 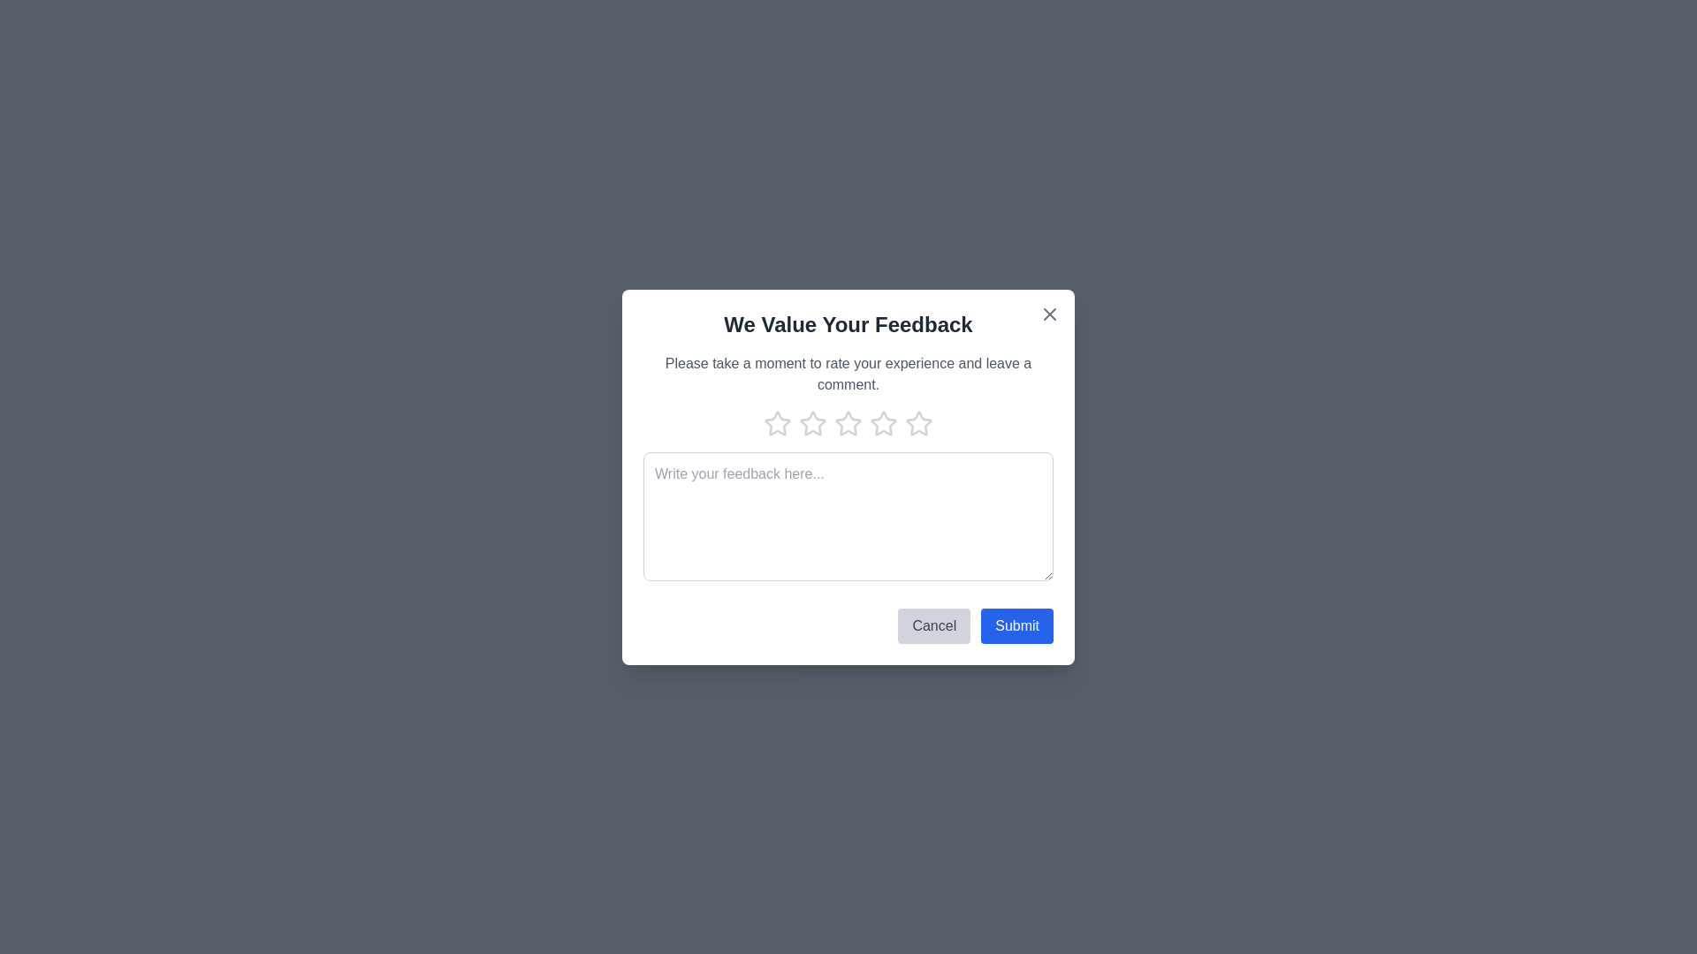 What do you see at coordinates (777, 422) in the screenshot?
I see `the first star icon in the rating system located in the middle of the feedback modal` at bounding box center [777, 422].